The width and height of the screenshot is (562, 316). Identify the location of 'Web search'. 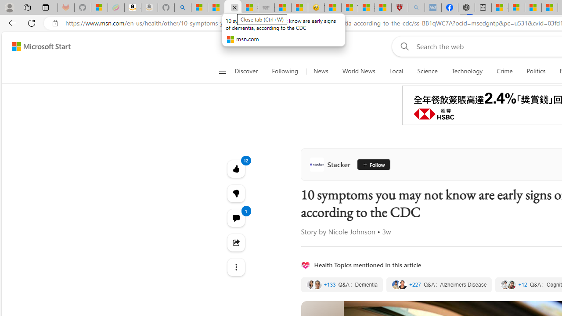
(402, 46).